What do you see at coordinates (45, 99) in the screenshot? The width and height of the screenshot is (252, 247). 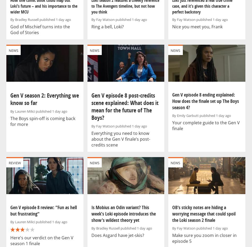 I see `'Gen V season 2: Everything we know so far'` at bounding box center [45, 99].